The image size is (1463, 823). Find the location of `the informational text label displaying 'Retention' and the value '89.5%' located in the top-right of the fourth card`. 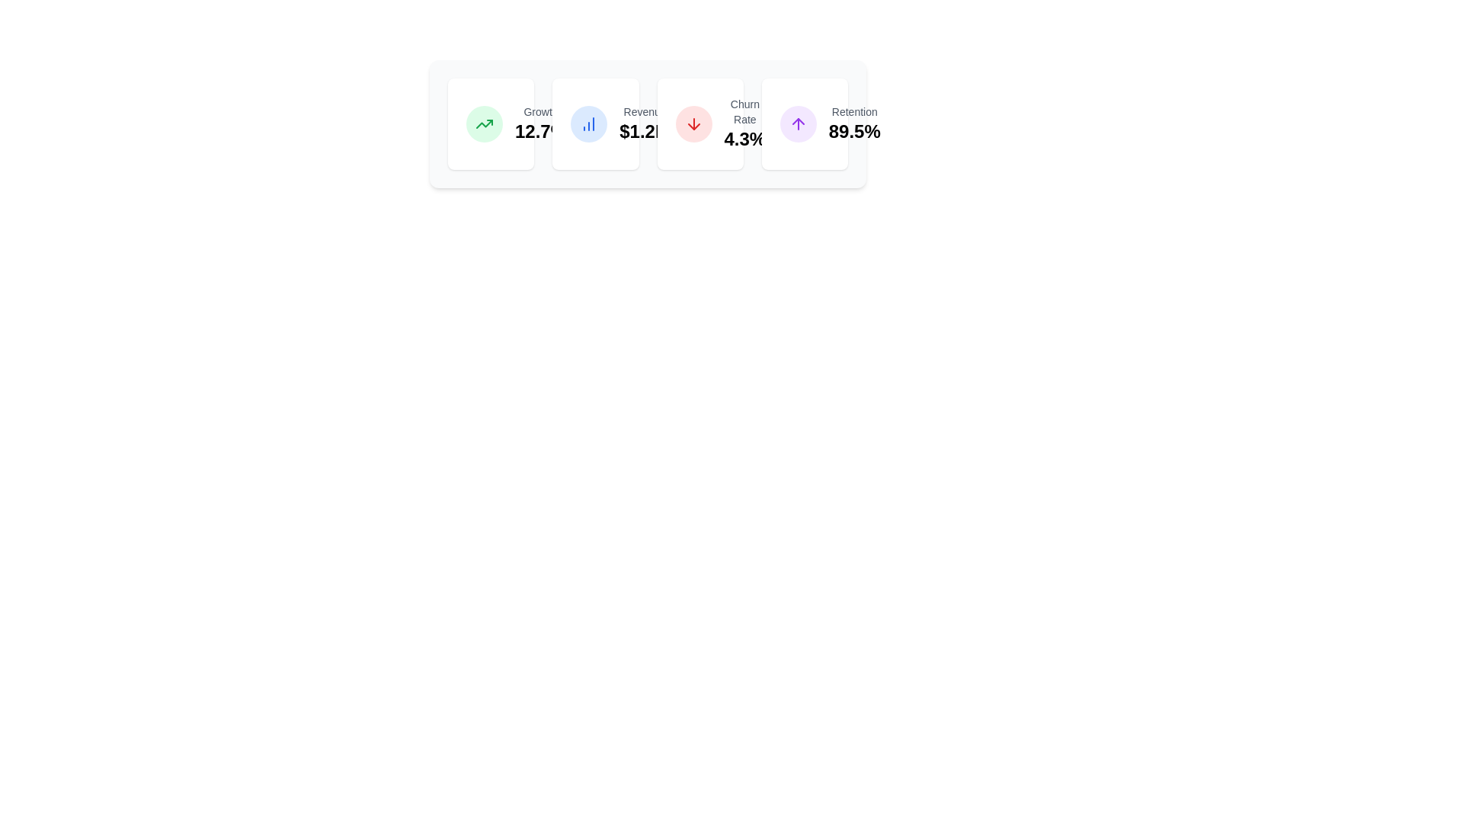

the informational text label displaying 'Retention' and the value '89.5%' located in the top-right of the fourth card is located at coordinates (854, 123).